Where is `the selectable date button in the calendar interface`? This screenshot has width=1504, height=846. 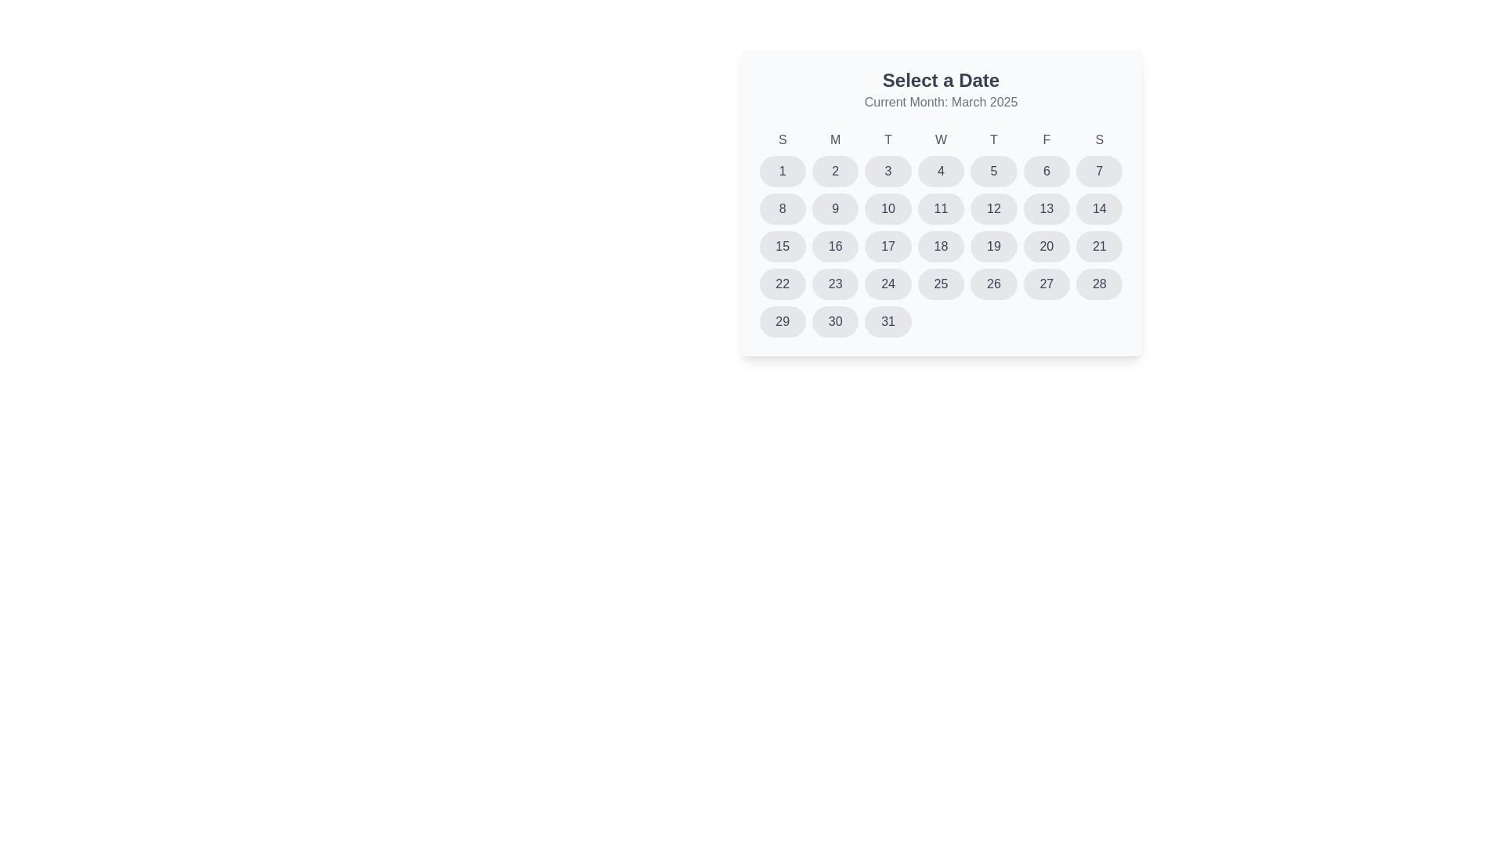
the selectable date button in the calendar interface is located at coordinates (992, 284).